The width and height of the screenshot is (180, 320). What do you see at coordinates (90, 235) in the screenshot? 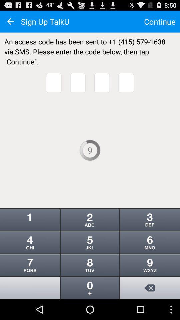
I see `the more icon` at bounding box center [90, 235].